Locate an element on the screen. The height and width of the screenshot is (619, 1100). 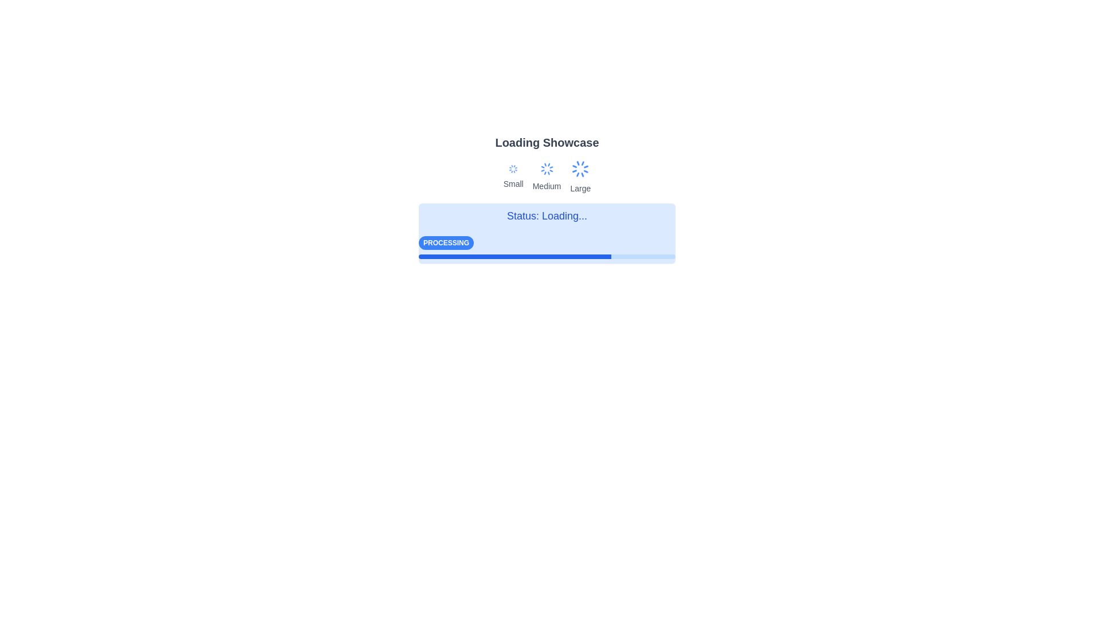
the animation of the loading state represented by the animated loader icon and text label for the 'Small' category, located at the leftmost position in the row of components is located at coordinates (513, 177).